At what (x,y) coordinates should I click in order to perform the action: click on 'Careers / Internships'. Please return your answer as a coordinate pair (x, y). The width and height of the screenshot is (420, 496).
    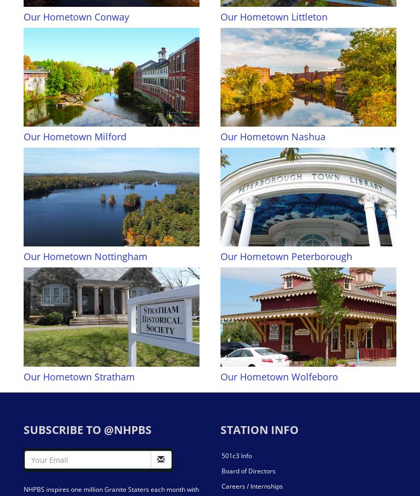
    Looking at the image, I should click on (252, 485).